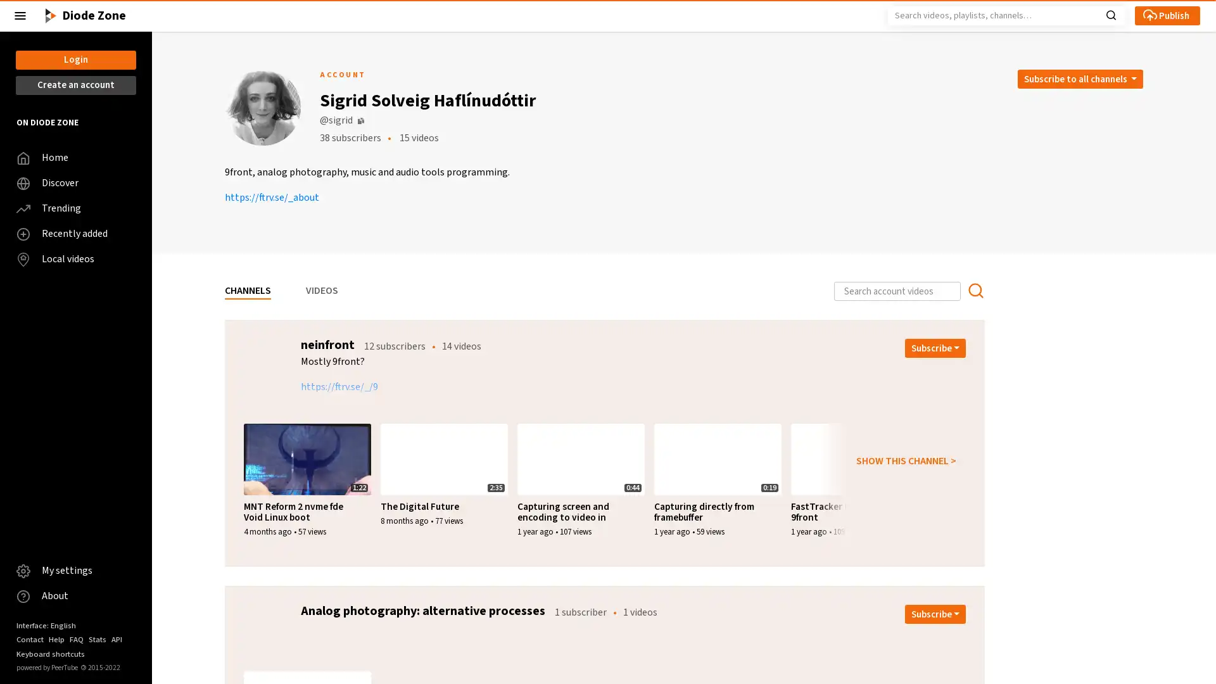 Image resolution: width=1216 pixels, height=684 pixels. What do you see at coordinates (1079, 79) in the screenshot?
I see `Open subscription dropdown` at bounding box center [1079, 79].